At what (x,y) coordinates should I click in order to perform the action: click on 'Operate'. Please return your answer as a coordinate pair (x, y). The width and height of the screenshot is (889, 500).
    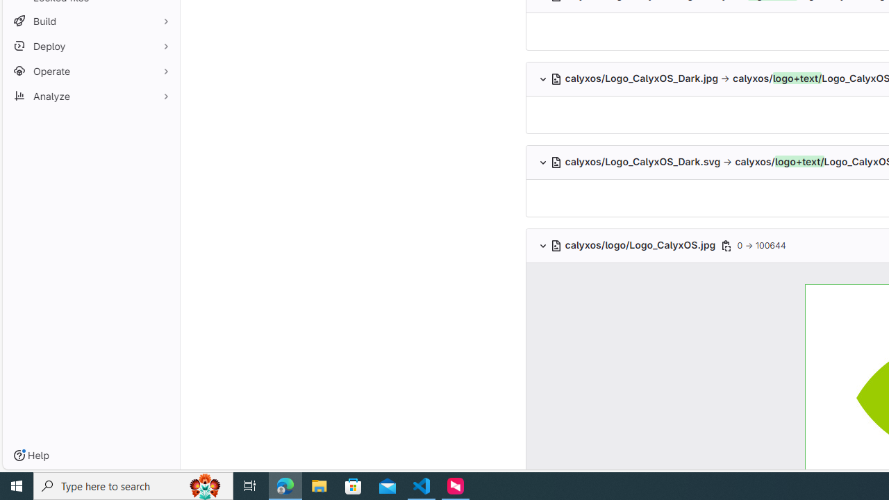
    Looking at the image, I should click on (90, 71).